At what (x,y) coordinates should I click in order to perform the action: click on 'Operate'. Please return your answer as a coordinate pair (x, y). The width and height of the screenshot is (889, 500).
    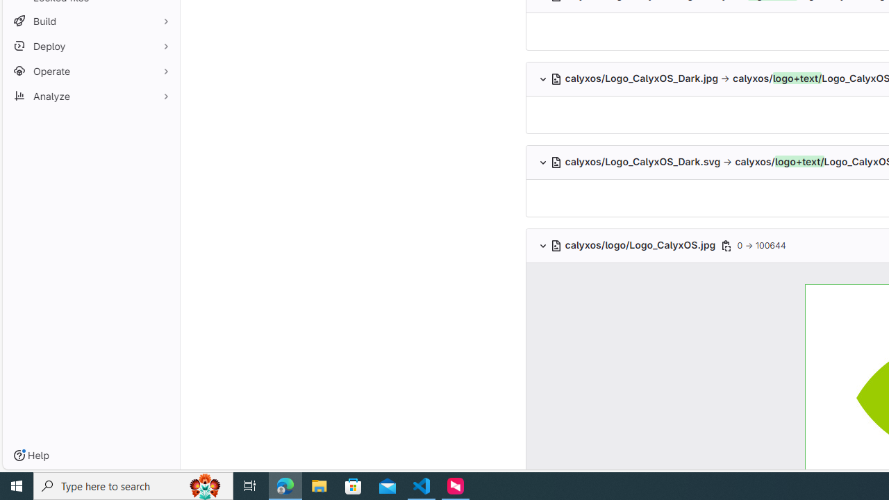
    Looking at the image, I should click on (90, 71).